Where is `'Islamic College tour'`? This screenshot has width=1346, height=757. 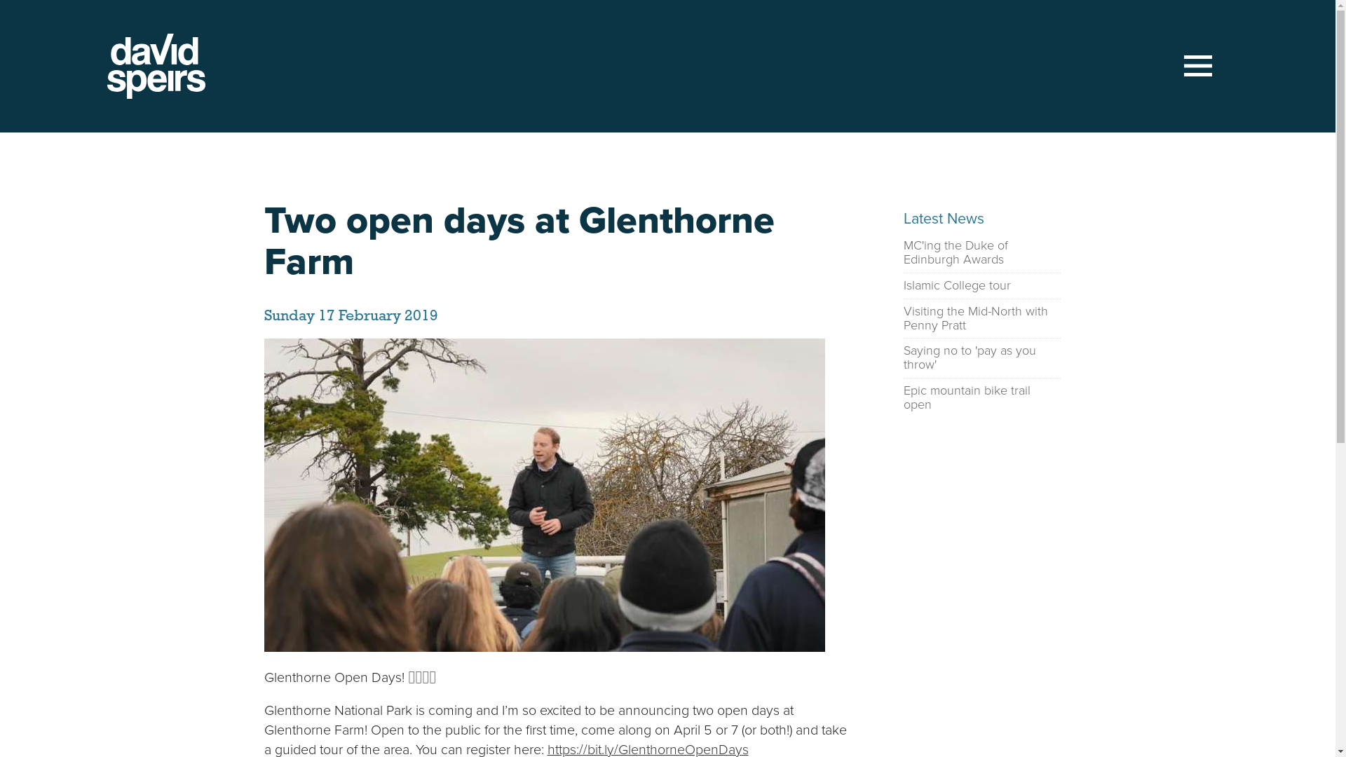
'Islamic College tour' is located at coordinates (956, 285).